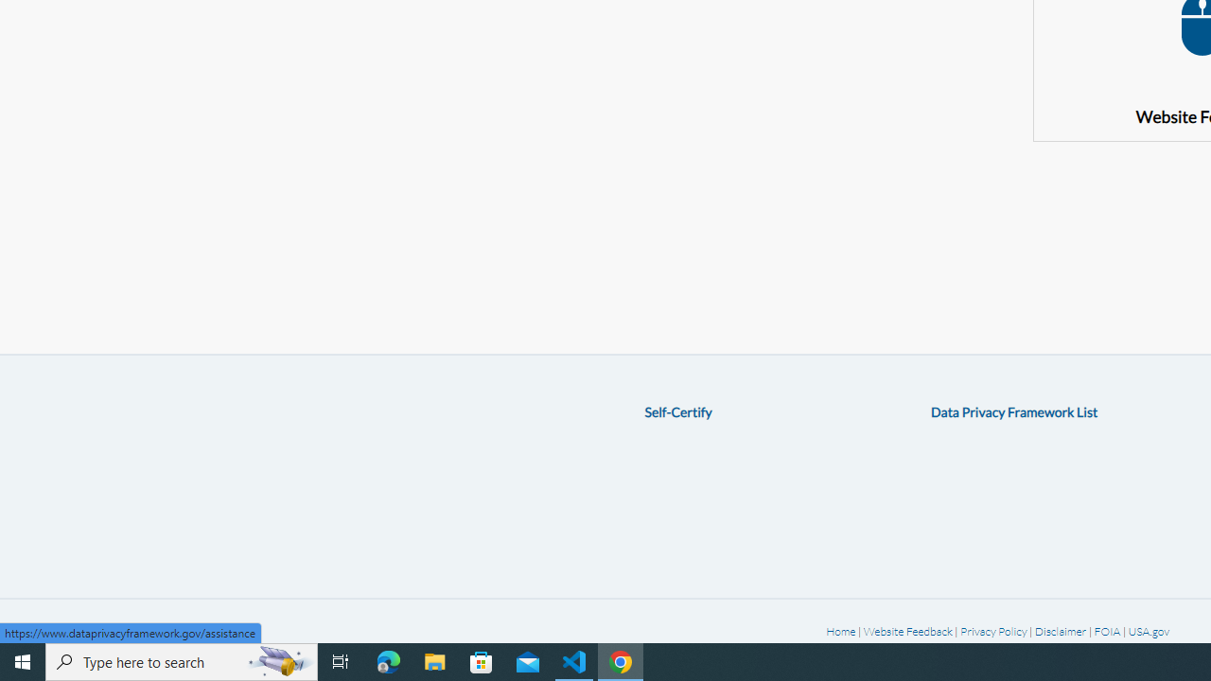 The image size is (1211, 681). What do you see at coordinates (1148, 631) in the screenshot?
I see `'USA.gov'` at bounding box center [1148, 631].